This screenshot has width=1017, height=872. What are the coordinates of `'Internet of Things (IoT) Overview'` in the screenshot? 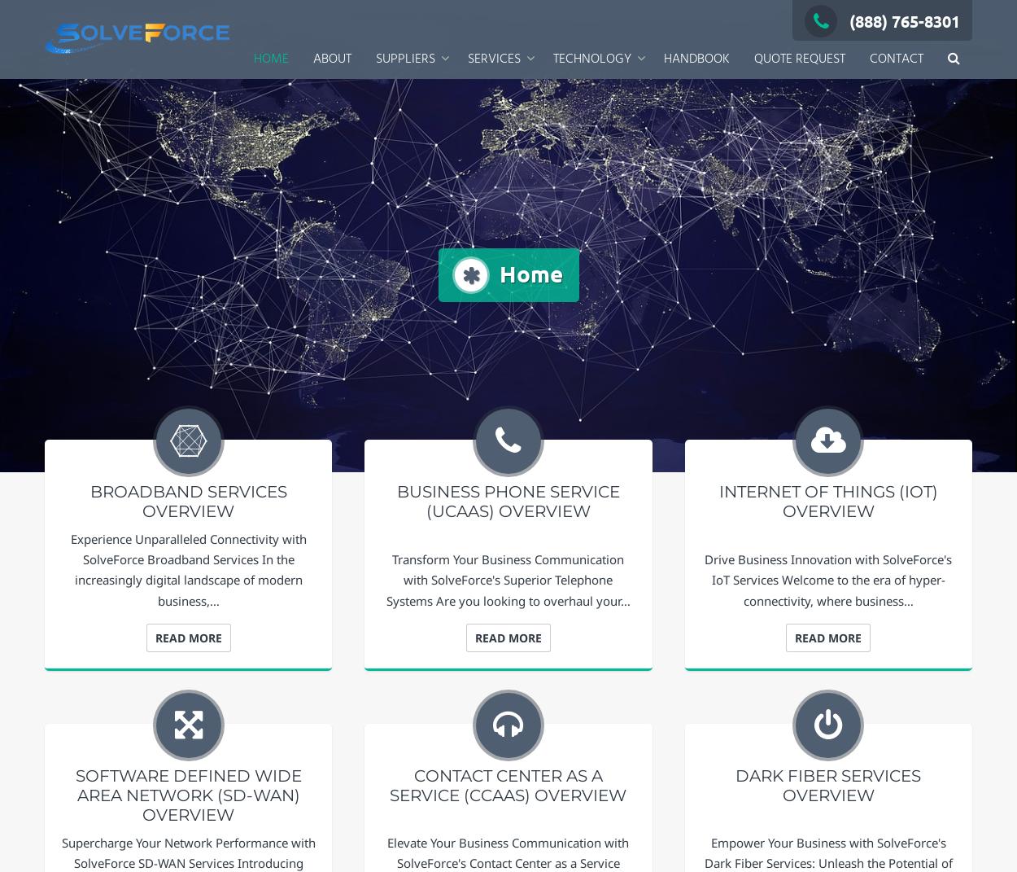 It's located at (827, 501).